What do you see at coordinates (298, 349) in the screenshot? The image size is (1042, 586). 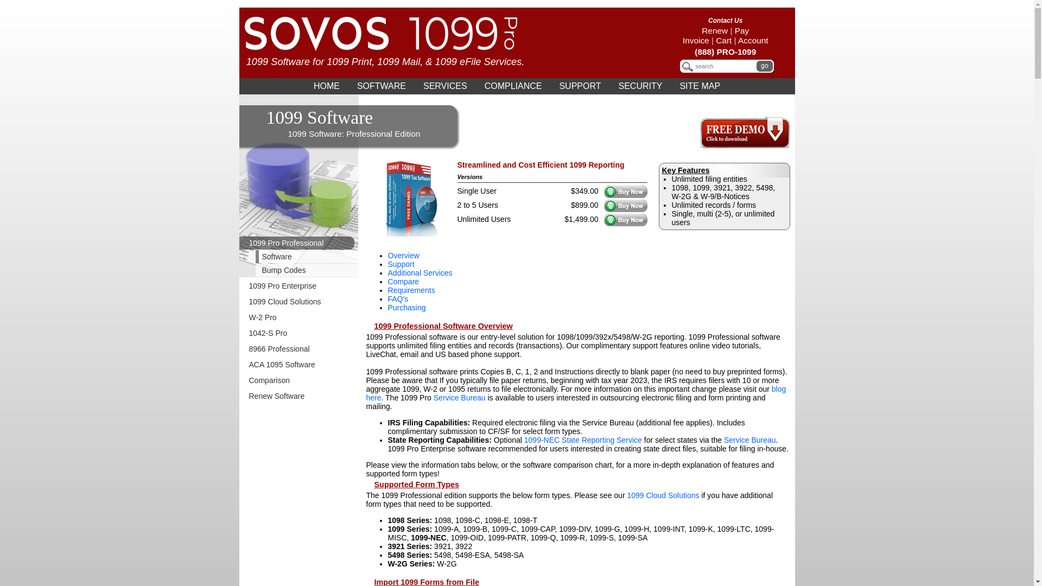 I see `'8966 Professional'` at bounding box center [298, 349].